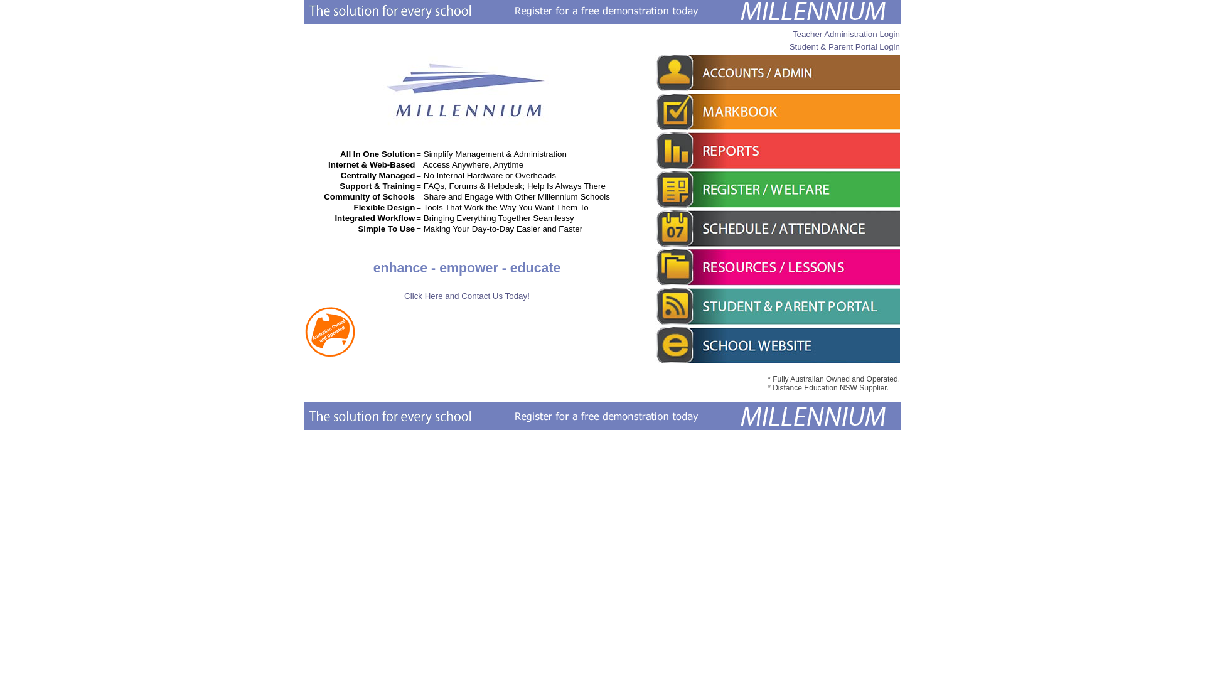 The image size is (1205, 678). What do you see at coordinates (846, 33) in the screenshot?
I see `'Teacher Administration Login'` at bounding box center [846, 33].